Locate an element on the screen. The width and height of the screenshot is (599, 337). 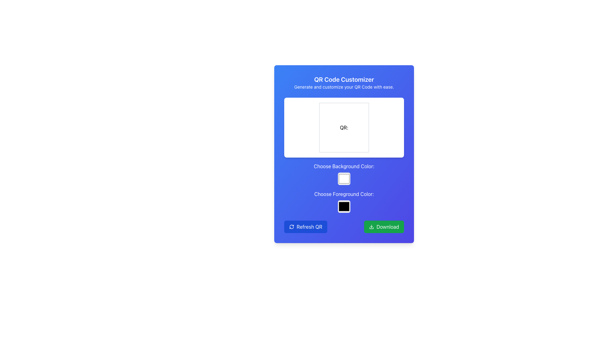
the refresh button located in the bottom-left portion of the interface is located at coordinates (305, 227).